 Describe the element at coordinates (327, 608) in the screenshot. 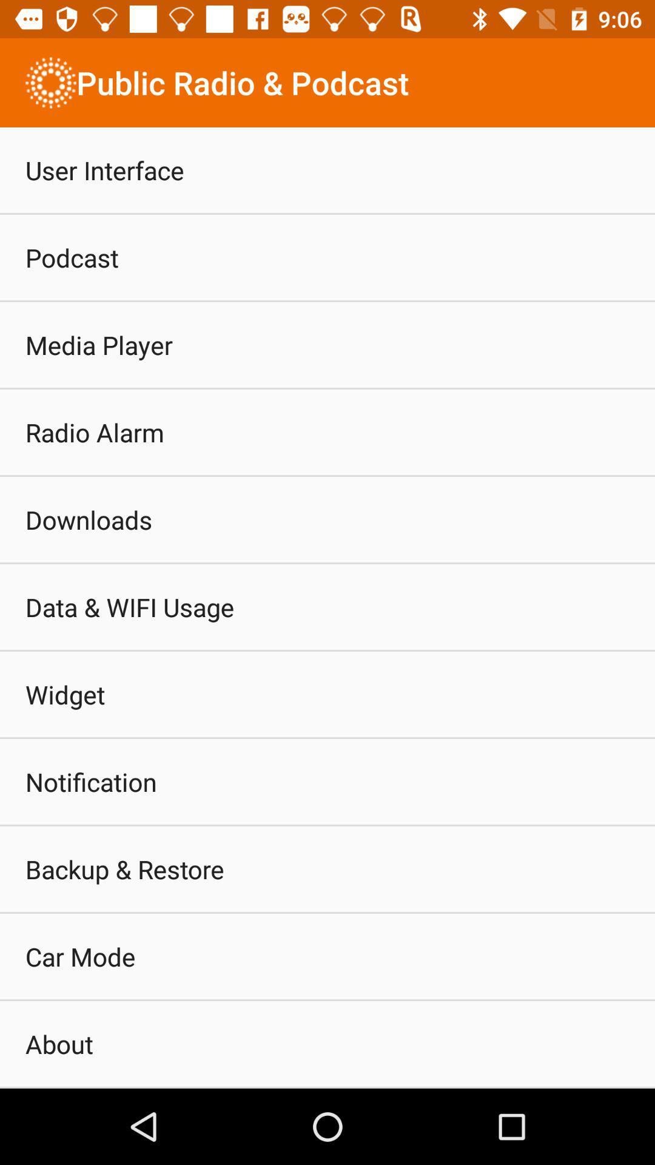

I see `item at the center` at that location.